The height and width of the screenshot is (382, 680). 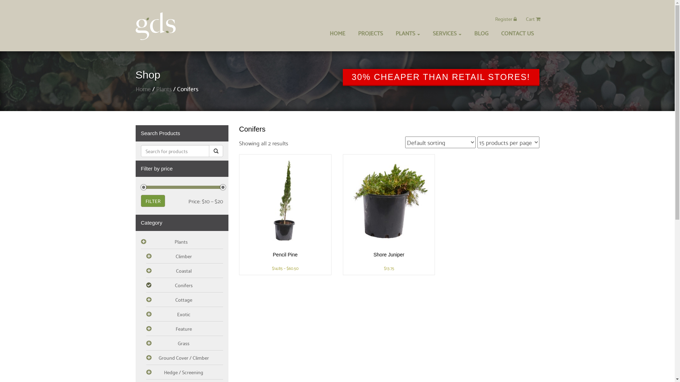 I want to click on 'Ground Cover / Climber', so click(x=185, y=358).